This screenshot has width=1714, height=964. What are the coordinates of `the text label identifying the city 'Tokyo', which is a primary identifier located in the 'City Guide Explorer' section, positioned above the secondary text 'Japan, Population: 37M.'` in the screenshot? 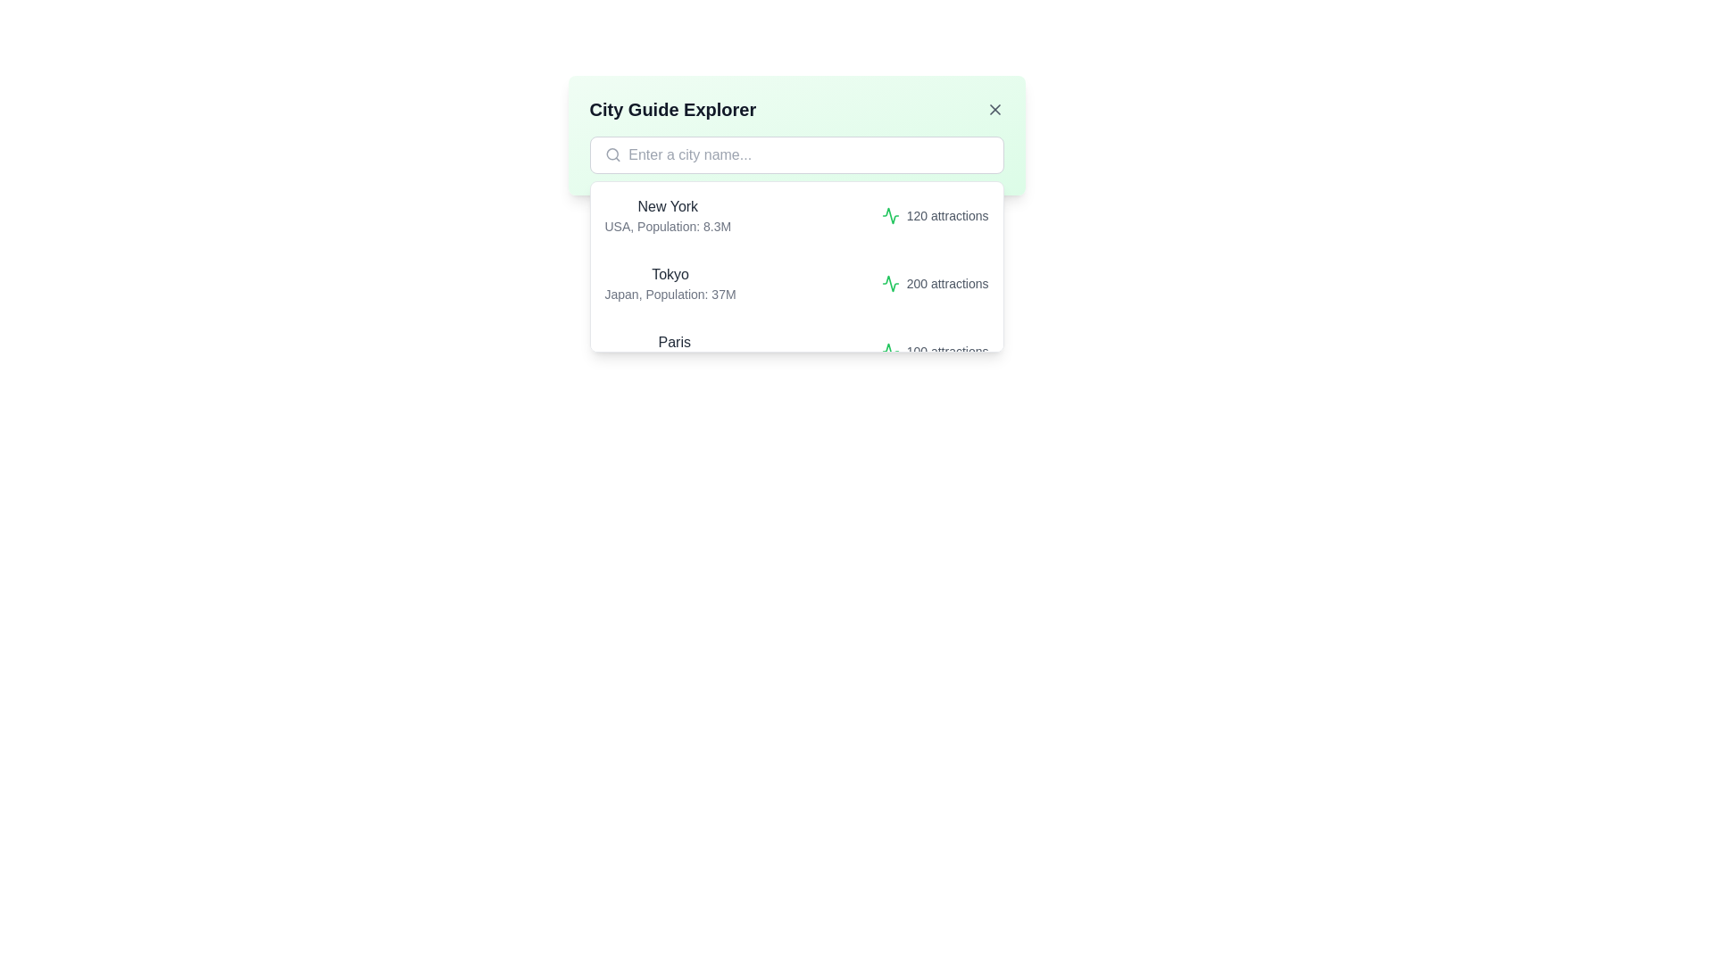 It's located at (670, 275).